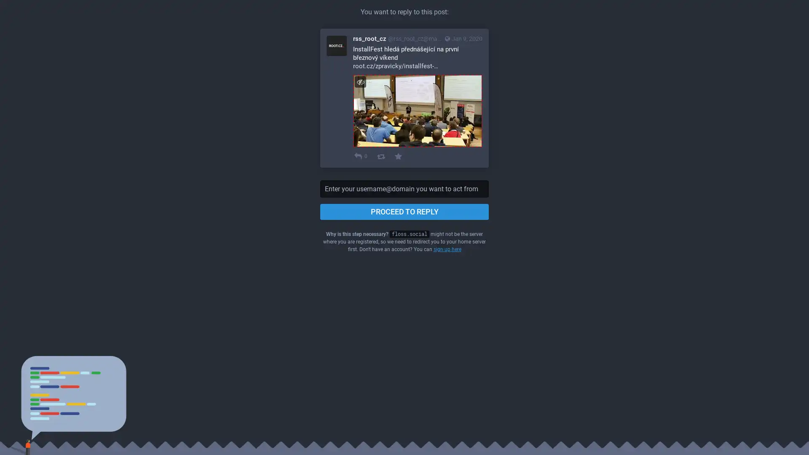  I want to click on Hide image, so click(360, 82).